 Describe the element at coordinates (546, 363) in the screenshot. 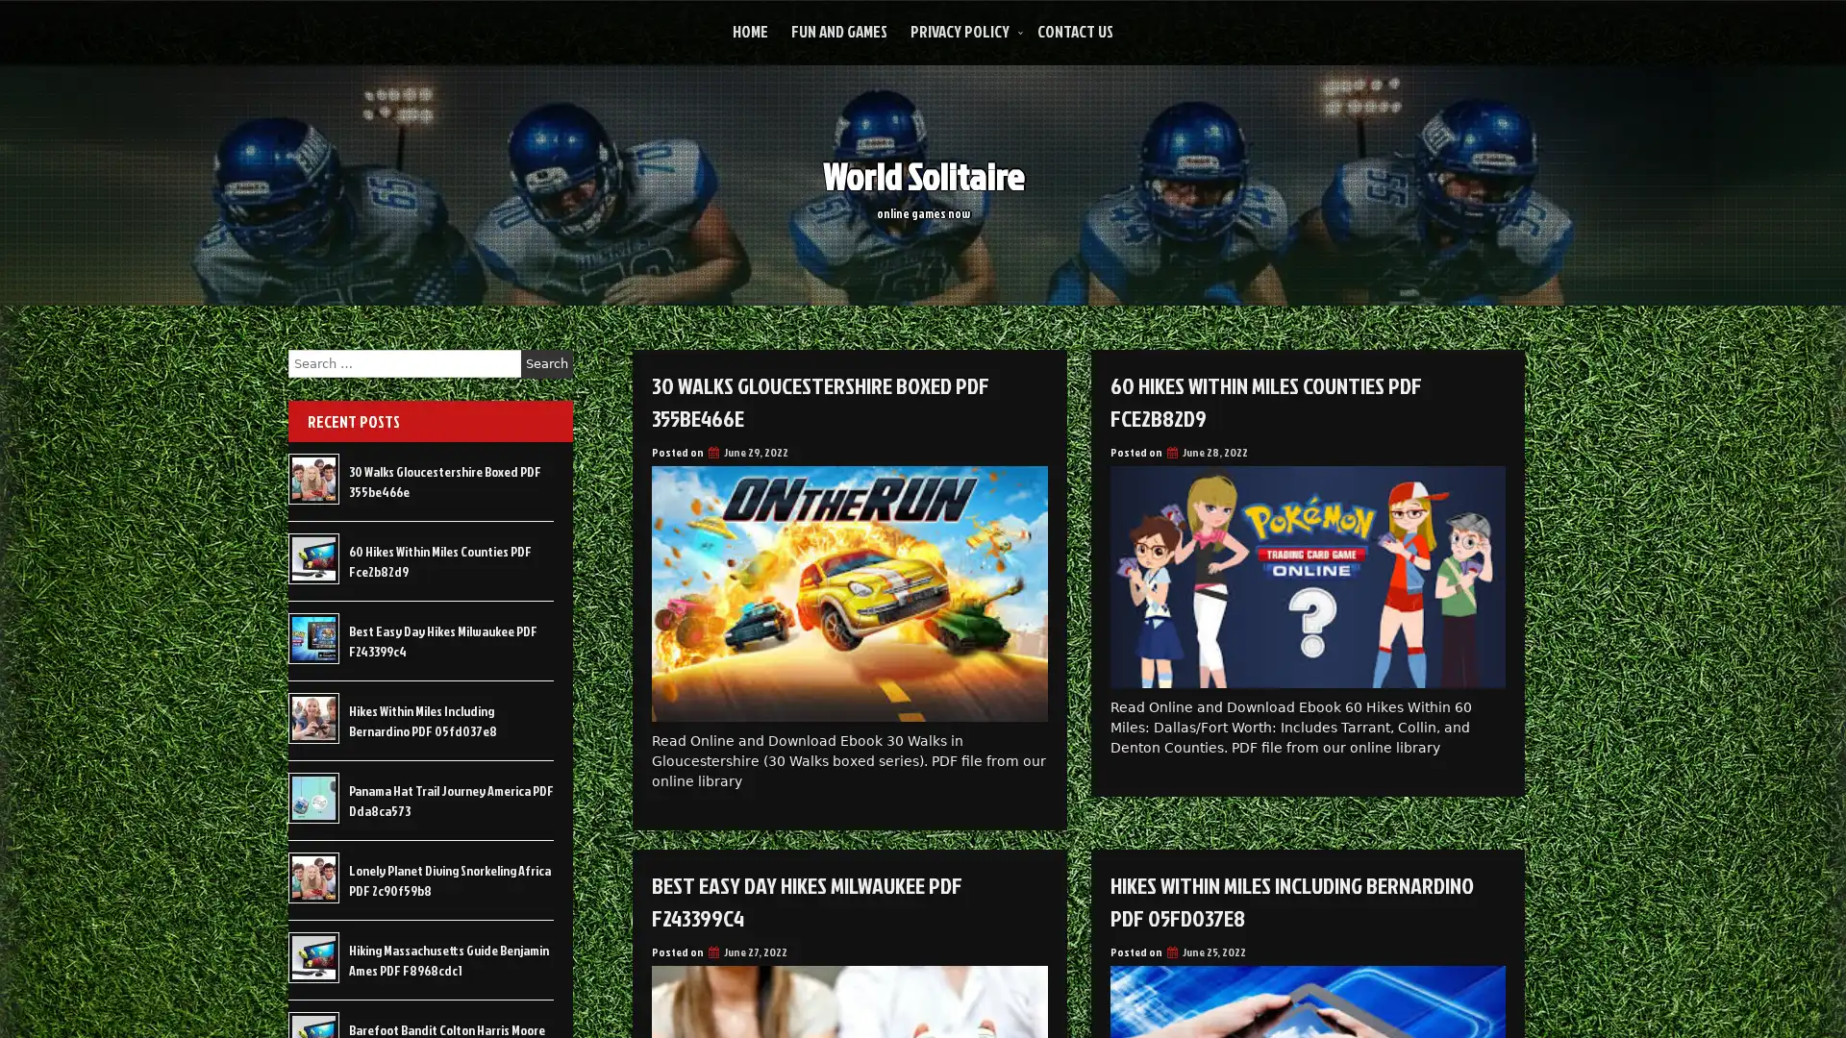

I see `Search` at that location.